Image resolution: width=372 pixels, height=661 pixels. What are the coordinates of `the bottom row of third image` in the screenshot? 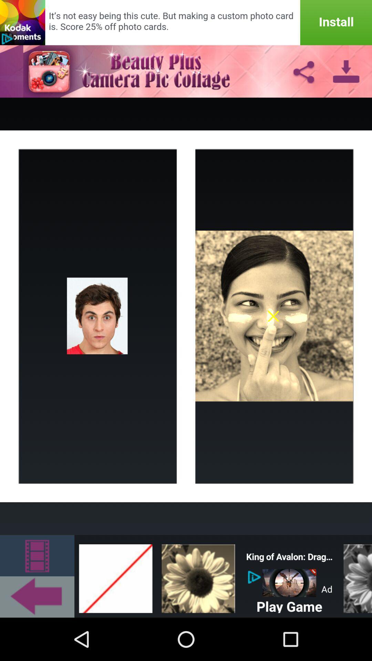 It's located at (198, 576).